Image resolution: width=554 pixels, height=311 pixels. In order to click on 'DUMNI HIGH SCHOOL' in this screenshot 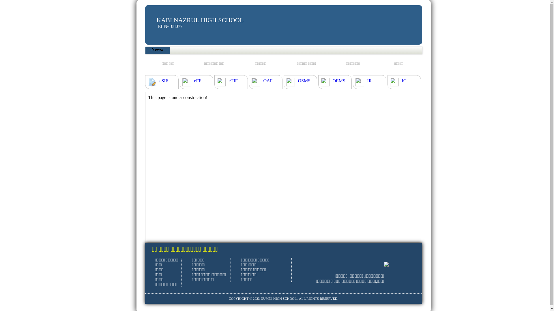, I will do `click(278, 298)`.